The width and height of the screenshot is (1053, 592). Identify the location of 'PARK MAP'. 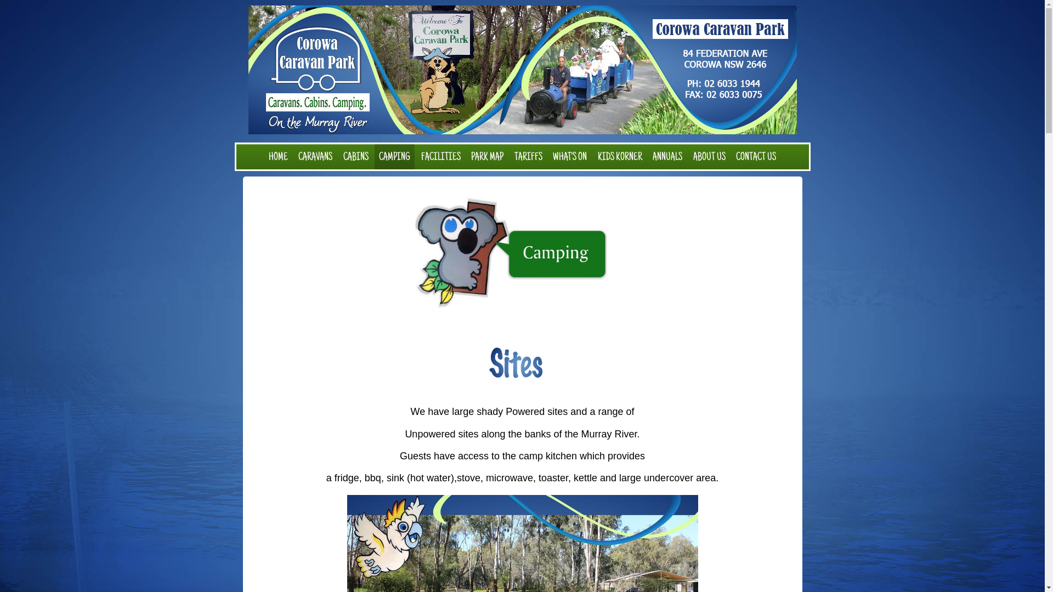
(466, 157).